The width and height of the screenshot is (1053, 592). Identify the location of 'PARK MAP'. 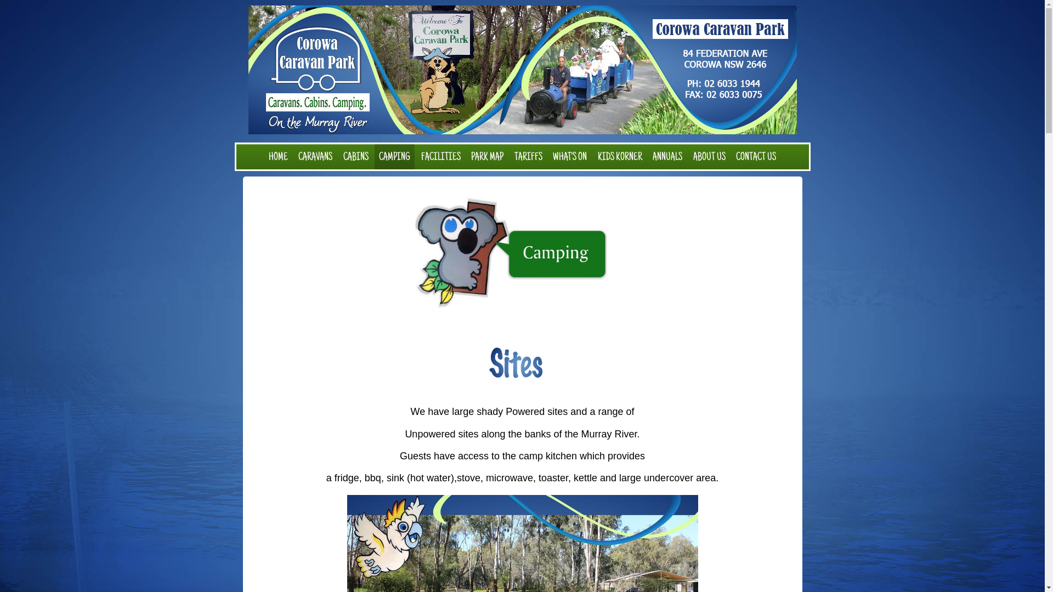
(466, 157).